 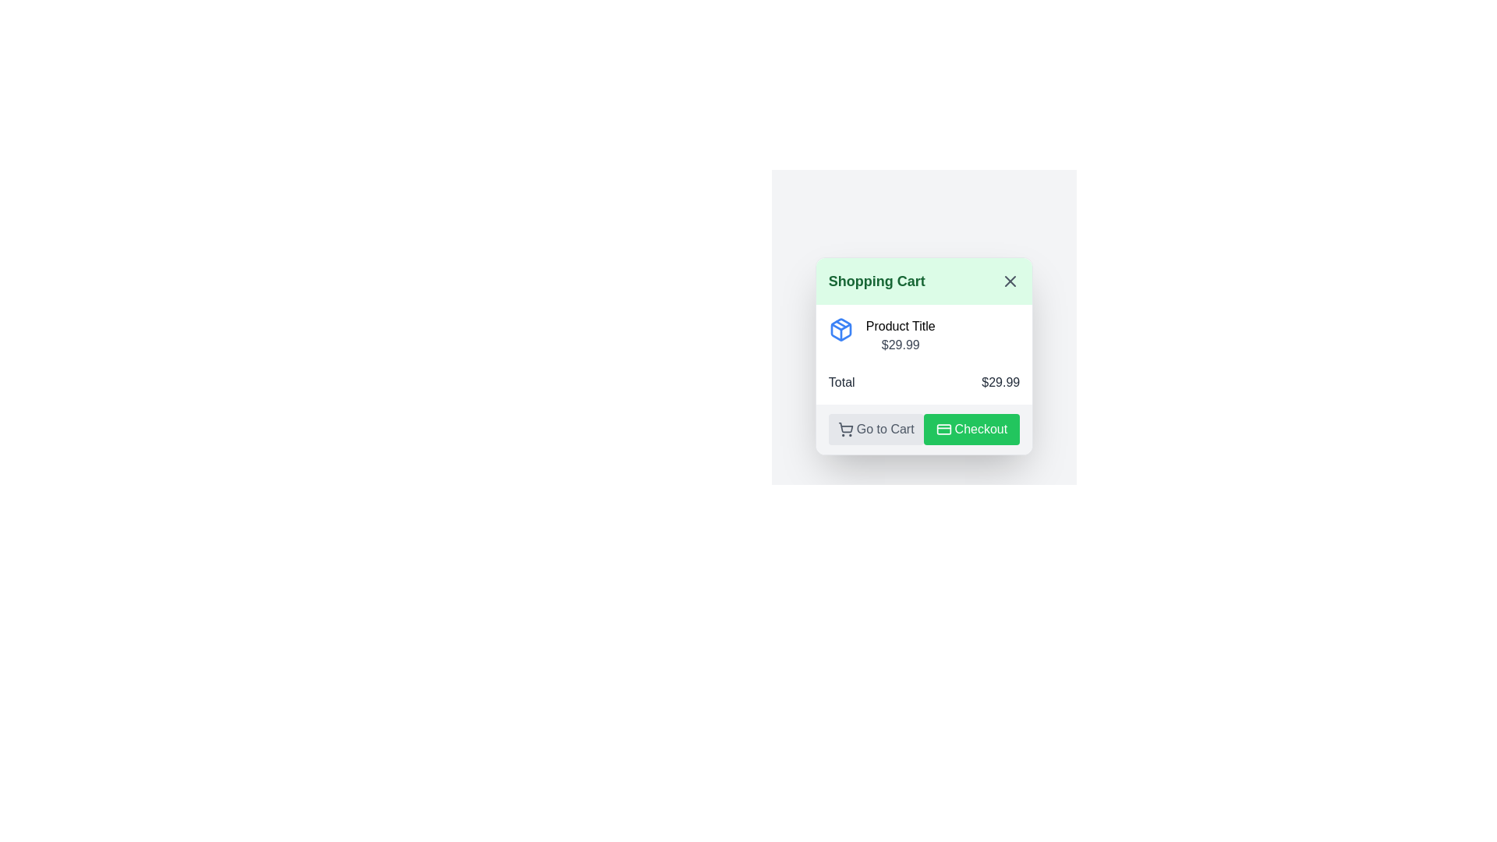 What do you see at coordinates (924, 430) in the screenshot?
I see `the 'Checkout' button in the shopping cart pop-up` at bounding box center [924, 430].